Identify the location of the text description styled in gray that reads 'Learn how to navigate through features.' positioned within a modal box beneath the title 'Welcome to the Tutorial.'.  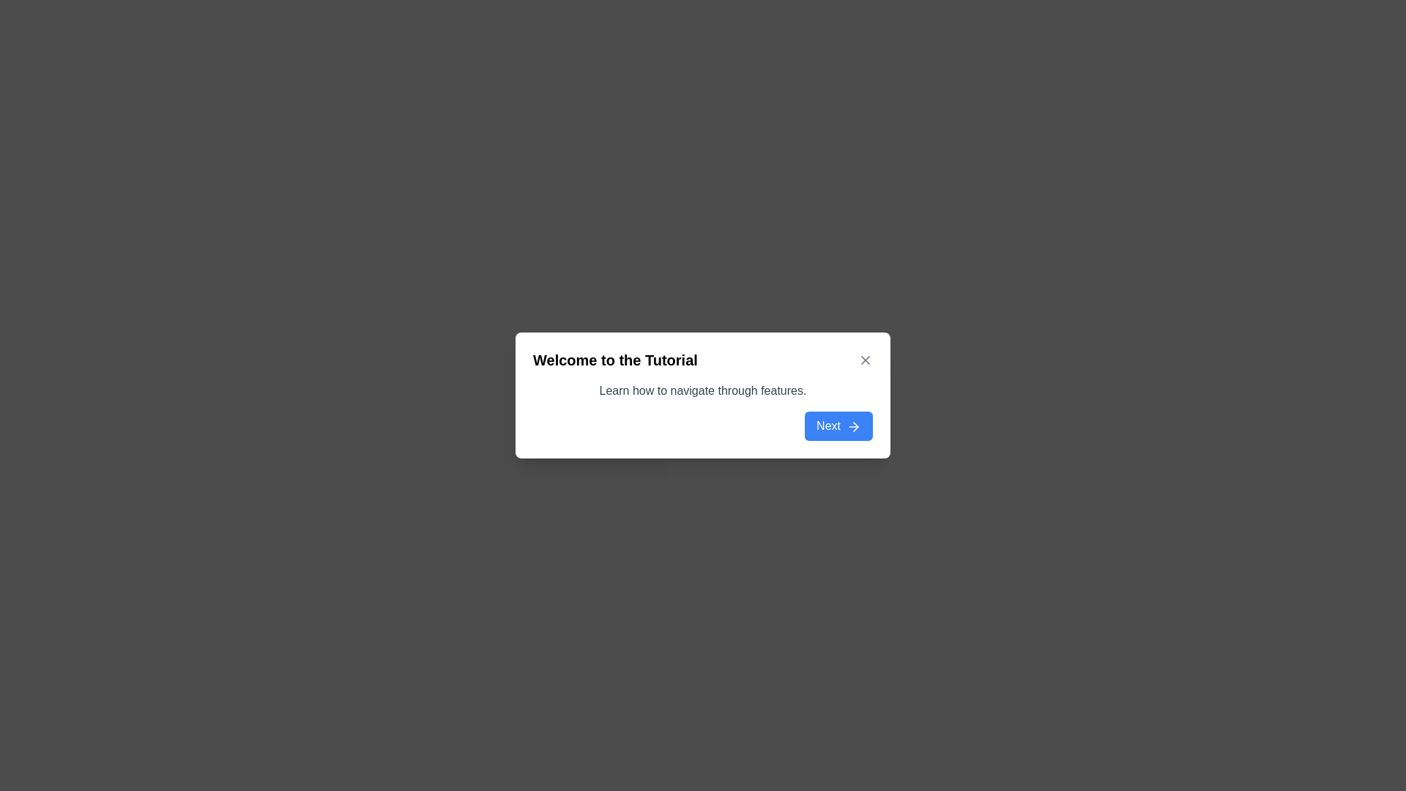
(703, 390).